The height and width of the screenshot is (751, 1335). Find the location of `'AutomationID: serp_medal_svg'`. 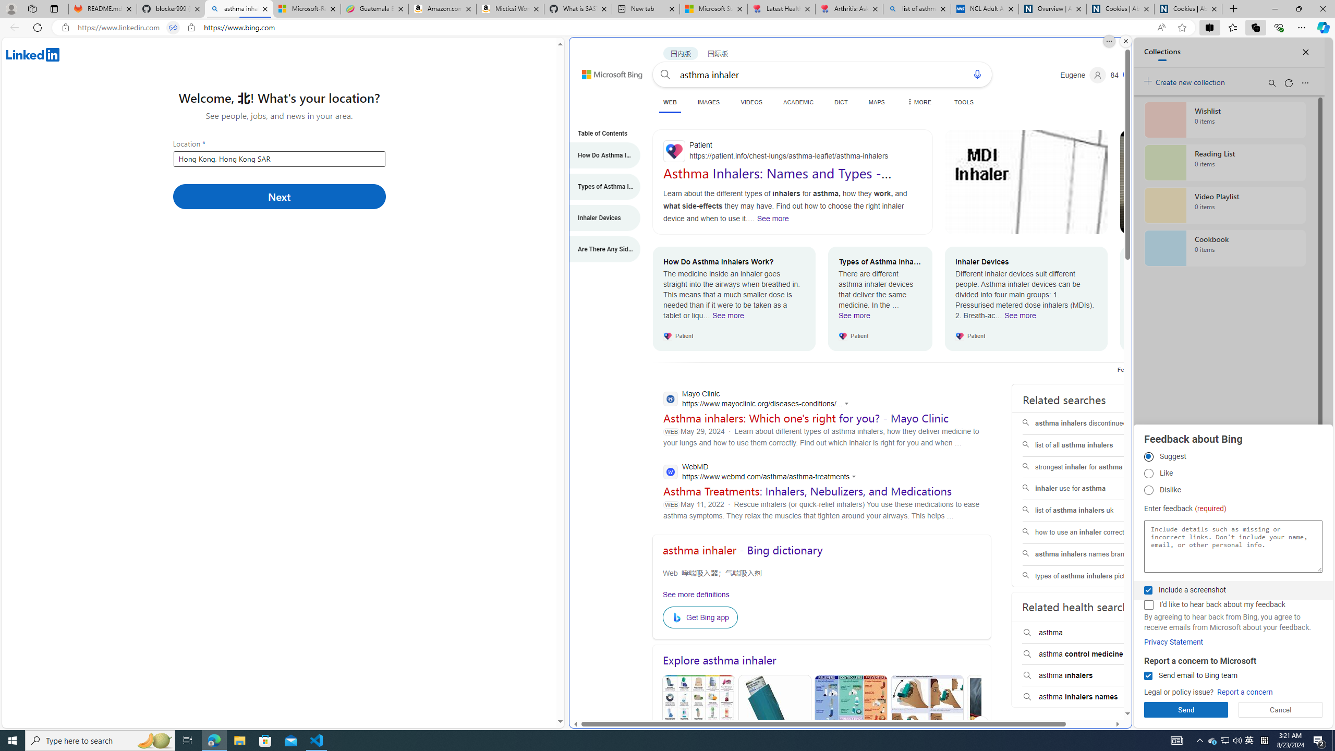

'AutomationID: serp_medal_svg' is located at coordinates (1131, 74).